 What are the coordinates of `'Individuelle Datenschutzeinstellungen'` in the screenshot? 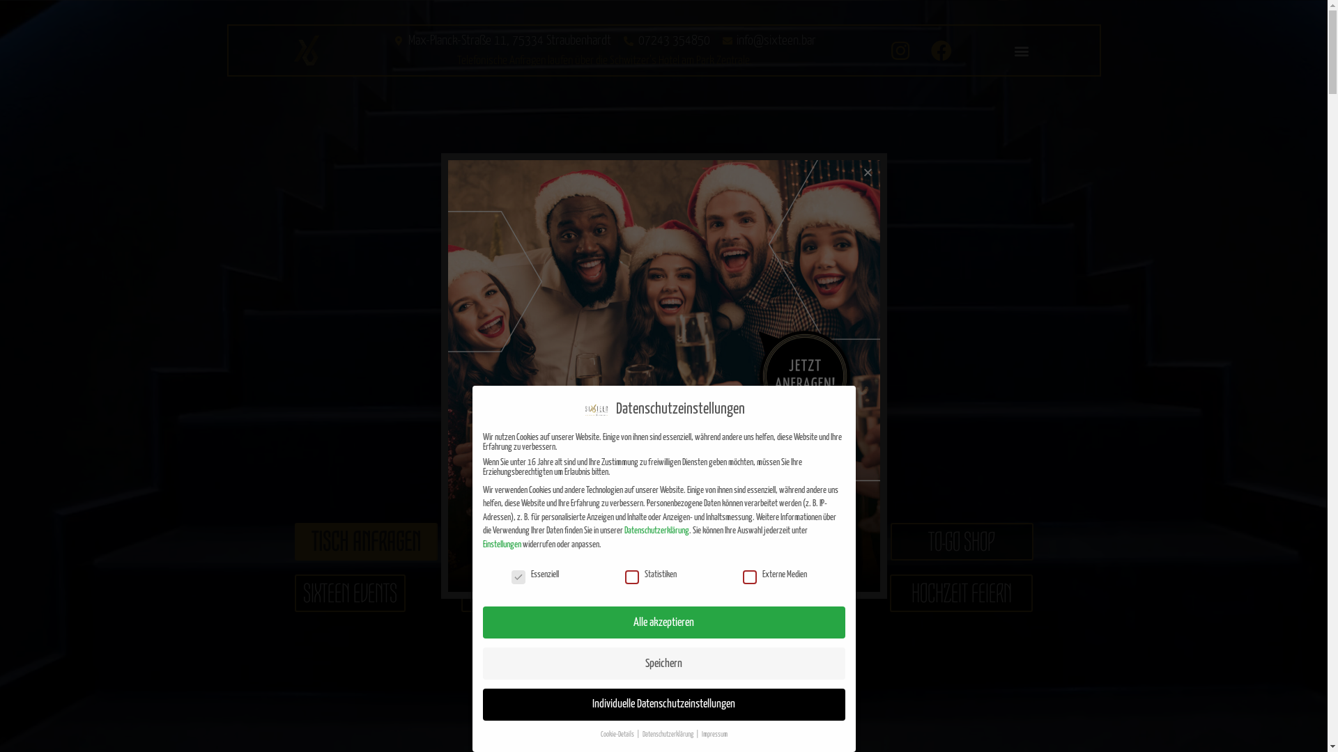 It's located at (662, 704).